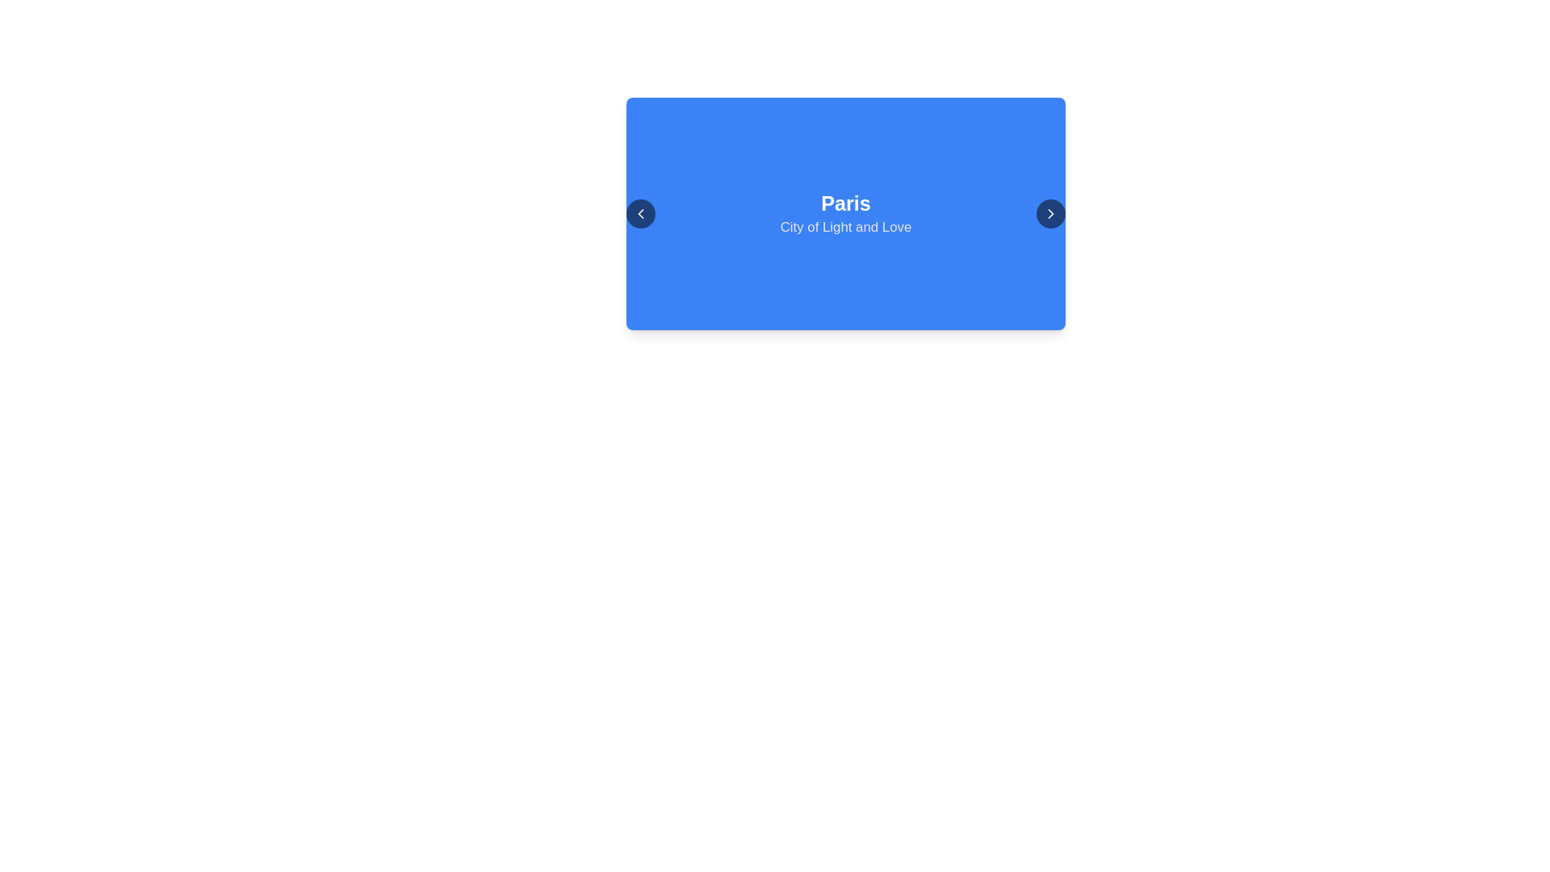 This screenshot has width=1550, height=872. I want to click on the circular button containing a small rightward-pointing arrow icon, located at the right edge of the 'Paris' card component, to potentially reveal a tooltip, so click(1050, 213).